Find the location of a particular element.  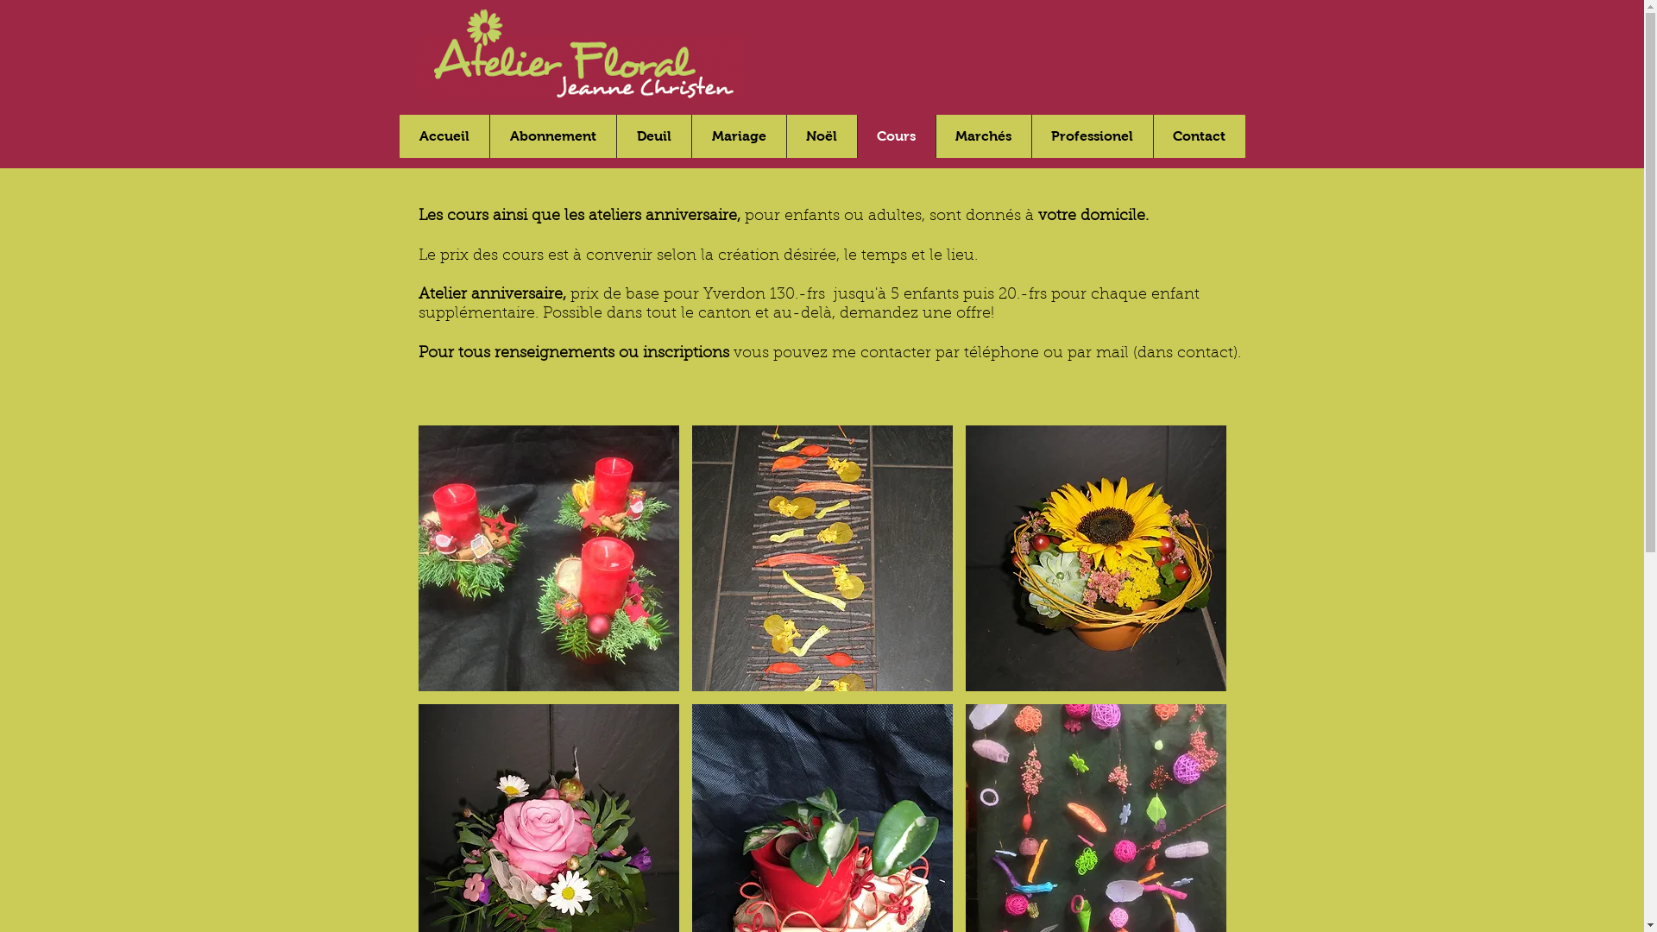

'Cours' is located at coordinates (895, 135).